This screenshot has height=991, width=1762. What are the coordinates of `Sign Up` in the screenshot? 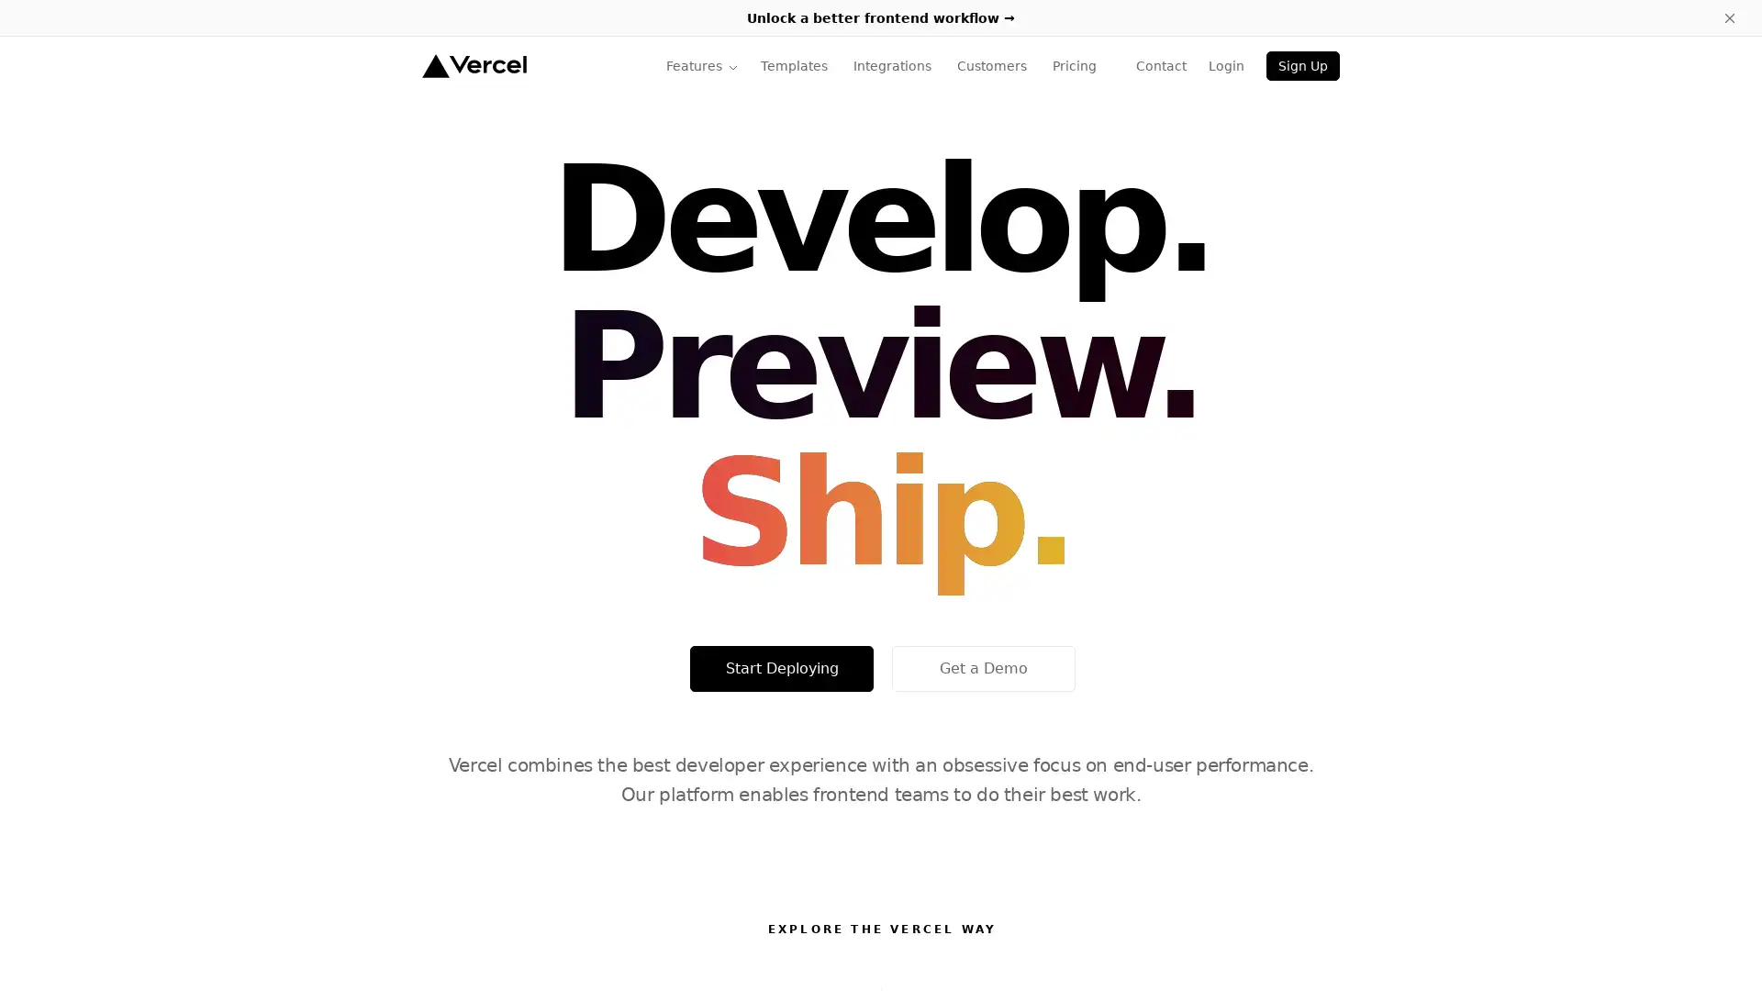 It's located at (1302, 65).